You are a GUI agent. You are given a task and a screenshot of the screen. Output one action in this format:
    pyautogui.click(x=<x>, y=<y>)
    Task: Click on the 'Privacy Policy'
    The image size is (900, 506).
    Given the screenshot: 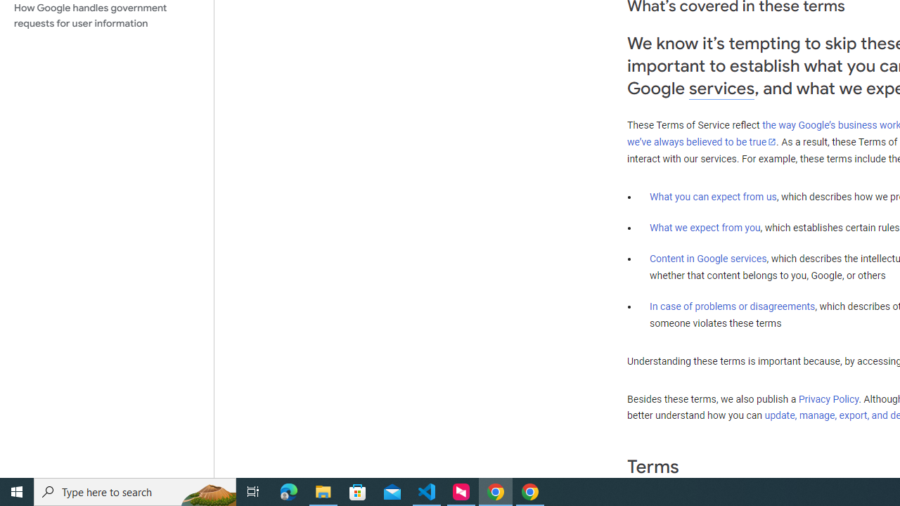 What is the action you would take?
    pyautogui.click(x=828, y=398)
    